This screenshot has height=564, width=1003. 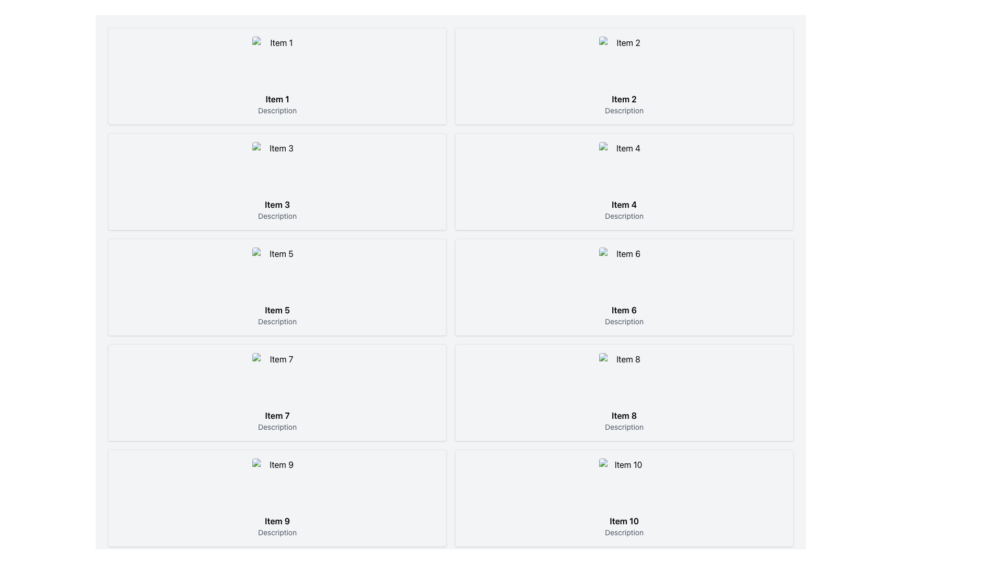 I want to click on the Text Label located below 'Item 2' in the second group of the grid structure, so click(x=624, y=111).